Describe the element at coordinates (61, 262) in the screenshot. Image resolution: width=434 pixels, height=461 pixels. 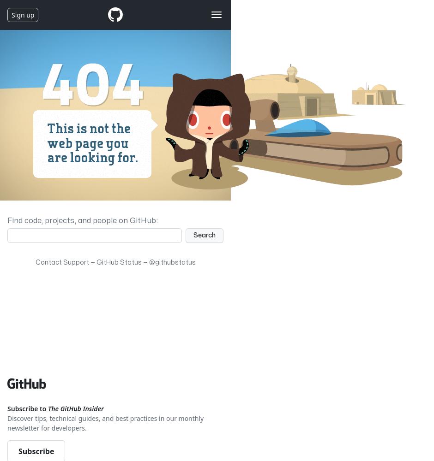
I see `'Contact Support'` at that location.